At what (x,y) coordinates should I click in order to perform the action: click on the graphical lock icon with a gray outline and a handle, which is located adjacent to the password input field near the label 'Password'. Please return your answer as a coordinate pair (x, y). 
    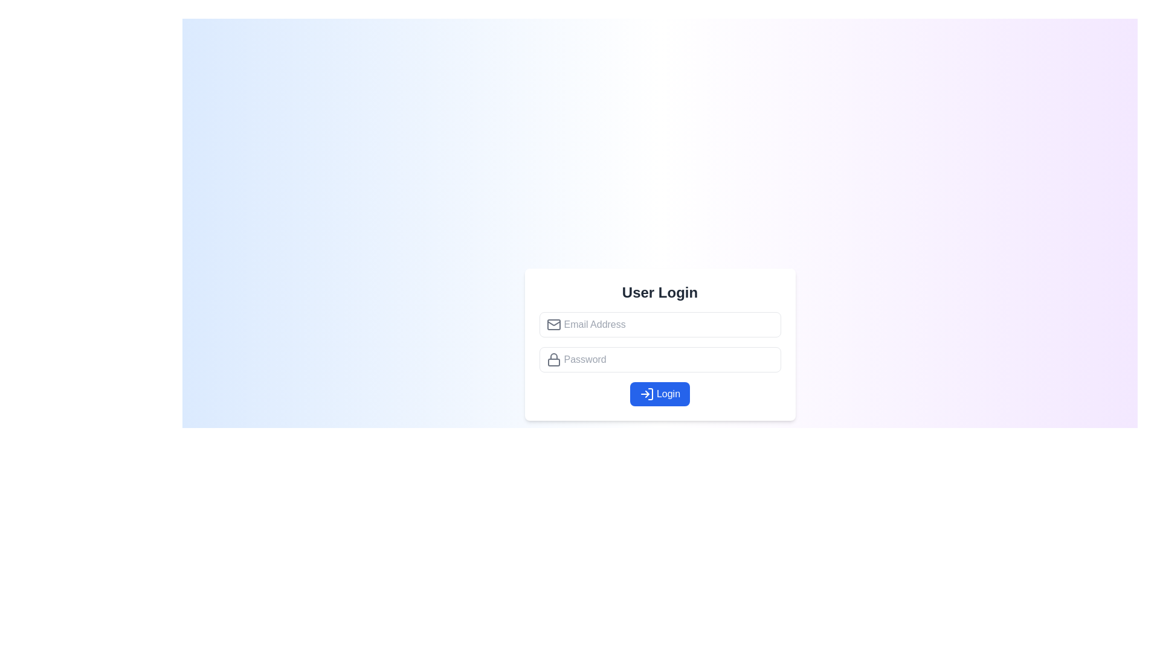
    Looking at the image, I should click on (553, 359).